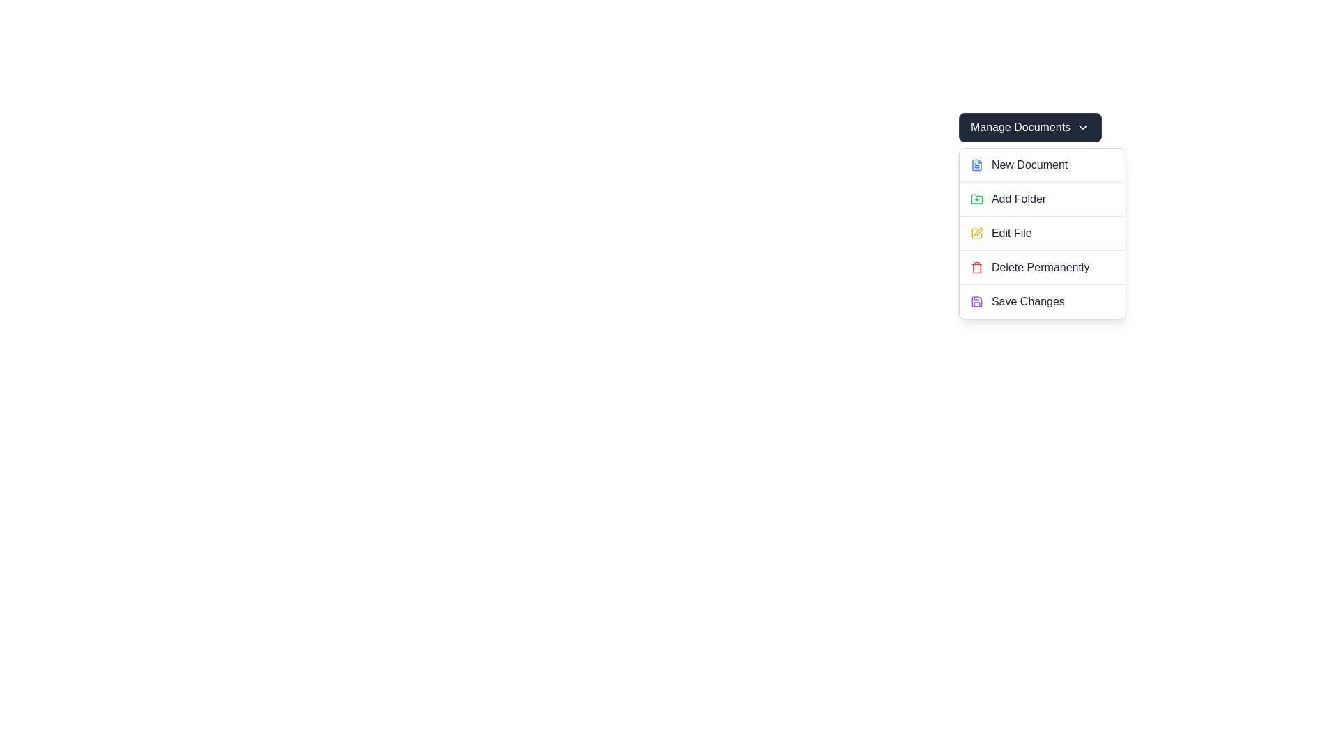  Describe the element at coordinates (1042, 233) in the screenshot. I see `the 'Edit File' option in the dropdown menu located below the 'Manage Documents' button, which is the third item in the menu` at that location.